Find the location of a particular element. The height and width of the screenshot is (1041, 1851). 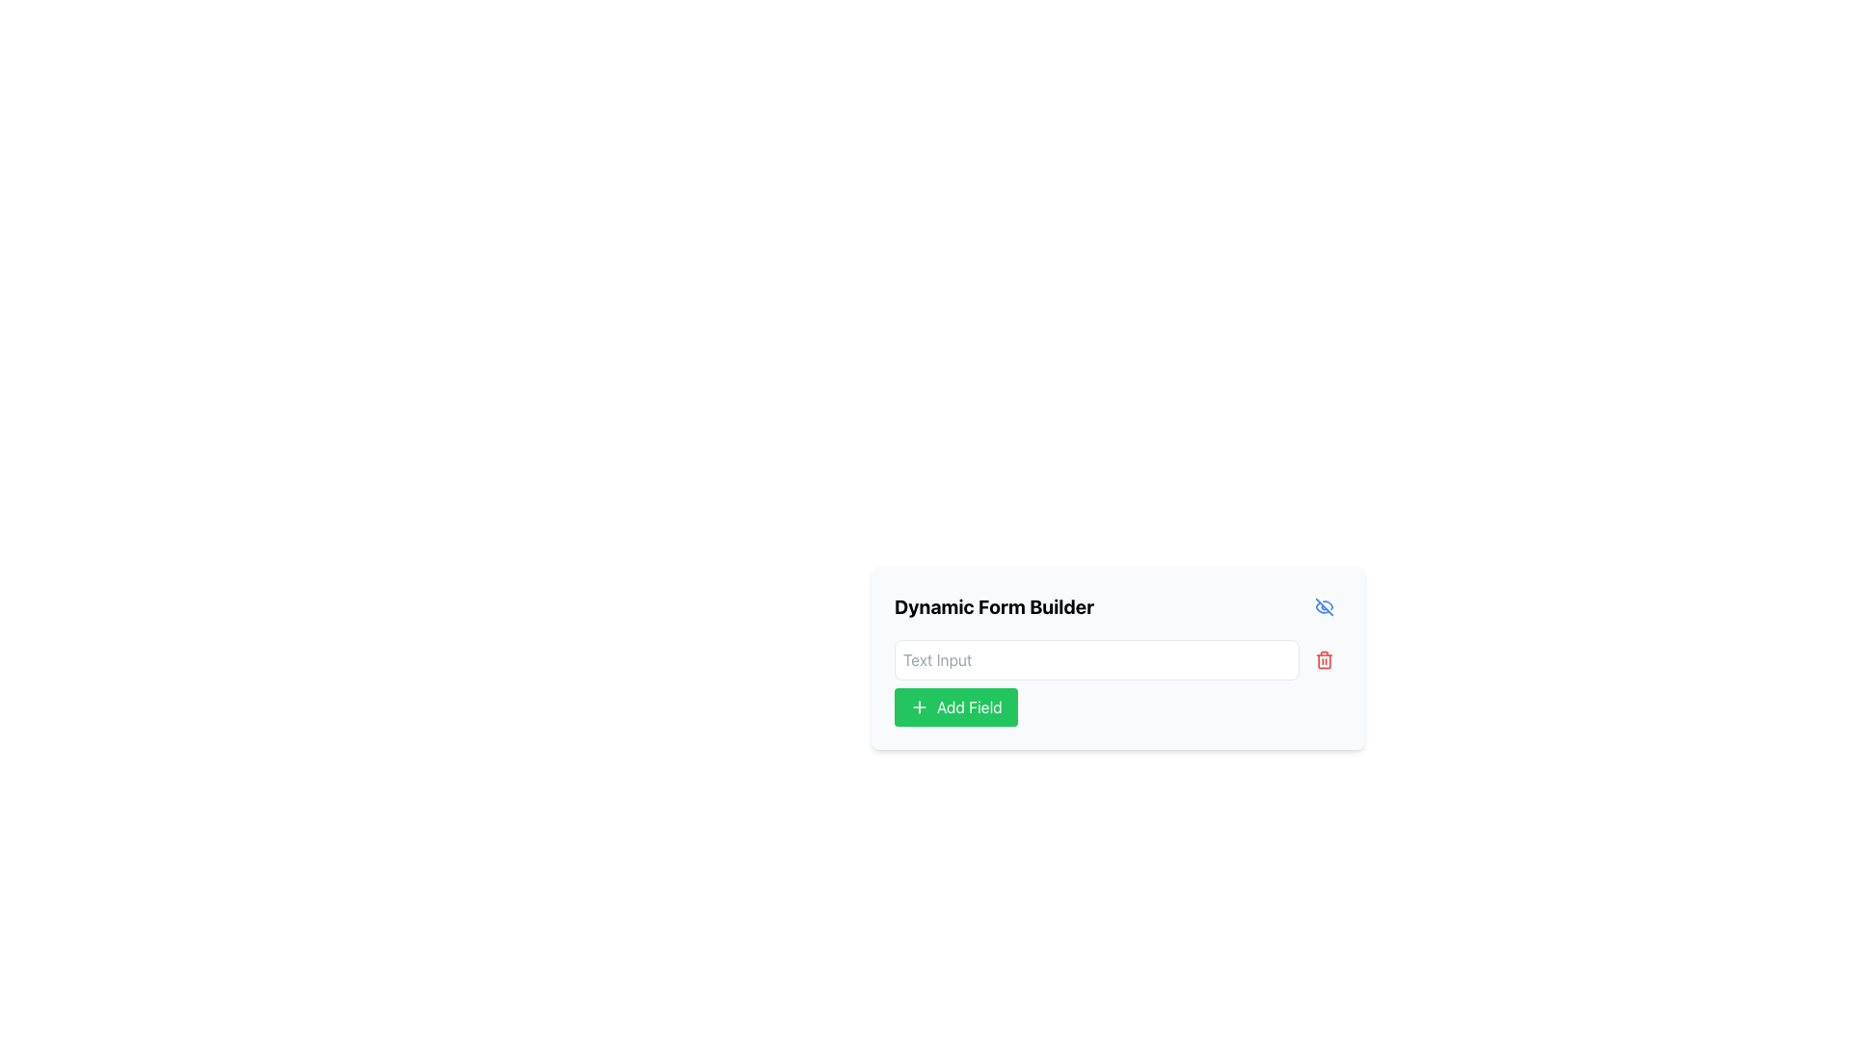

the trash can icon button, which is a minimal red icon located adjacent to the visibility toggle icon in the dynamic form builder section is located at coordinates (1323, 659).